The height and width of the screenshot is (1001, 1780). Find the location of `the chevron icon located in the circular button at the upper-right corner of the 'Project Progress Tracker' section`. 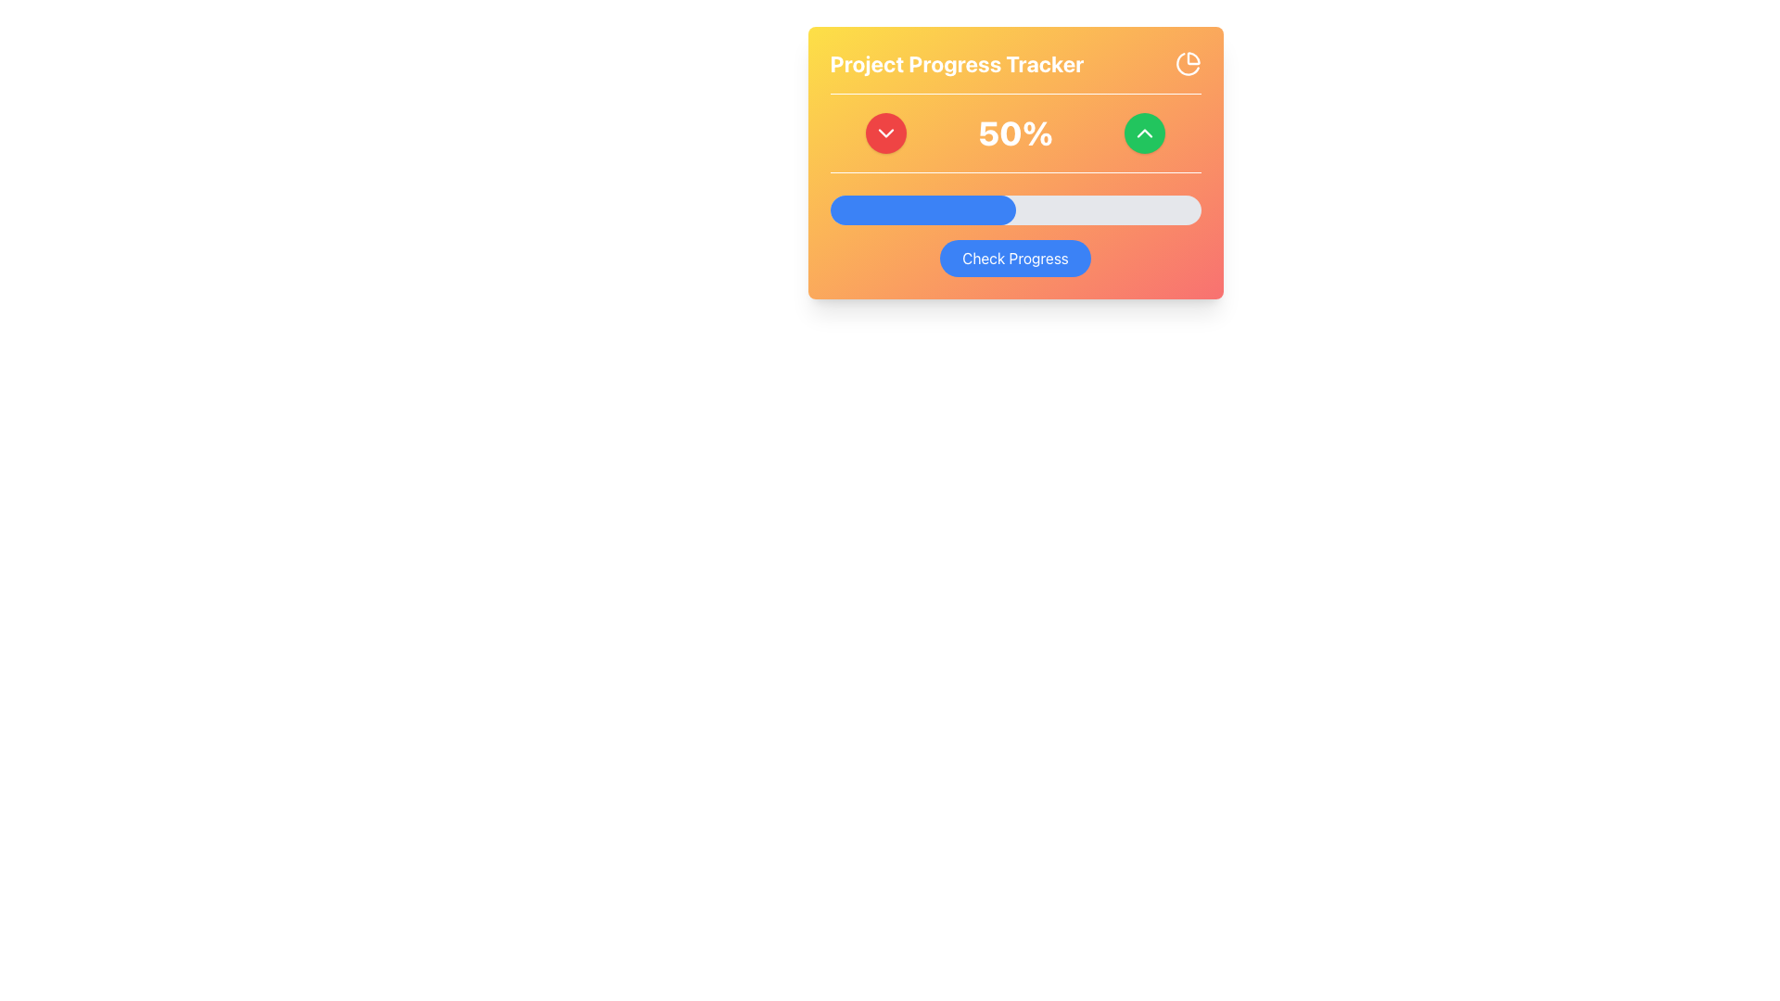

the chevron icon located in the circular button at the upper-right corner of the 'Project Progress Tracker' section is located at coordinates (1143, 132).